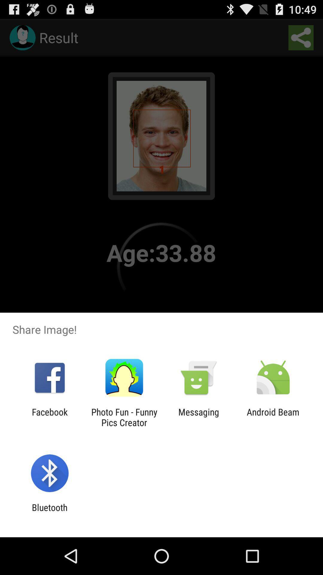 This screenshot has width=323, height=575. What do you see at coordinates (49, 417) in the screenshot?
I see `the icon next to photo fun funny icon` at bounding box center [49, 417].